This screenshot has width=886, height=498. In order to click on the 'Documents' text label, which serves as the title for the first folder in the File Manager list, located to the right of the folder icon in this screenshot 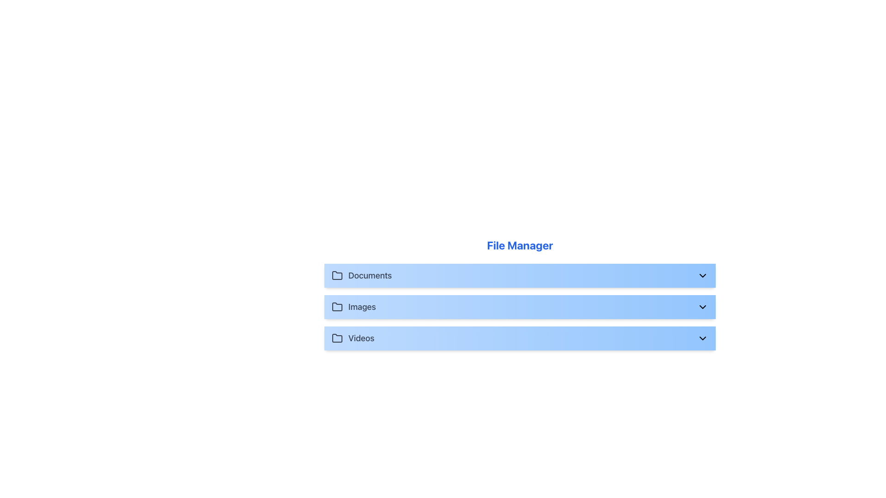, I will do `click(370, 275)`.